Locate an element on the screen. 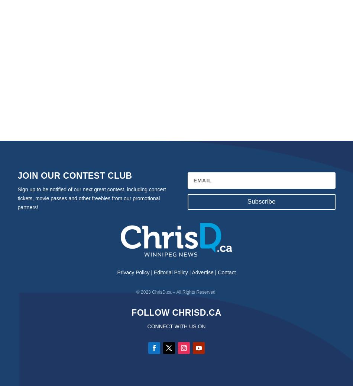 The width and height of the screenshot is (353, 386). 'JOIN OUR CONTEST CLUB' is located at coordinates (75, 175).